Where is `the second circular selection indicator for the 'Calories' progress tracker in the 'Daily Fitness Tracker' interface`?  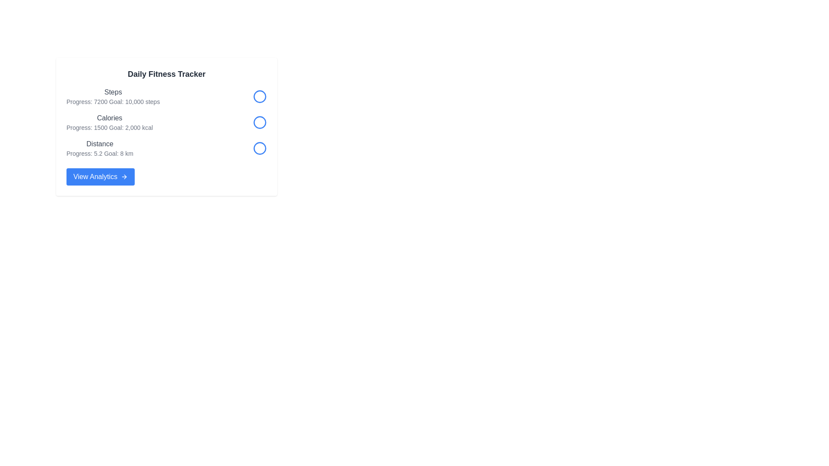
the second circular selection indicator for the 'Calories' progress tracker in the 'Daily Fitness Tracker' interface is located at coordinates (259, 123).